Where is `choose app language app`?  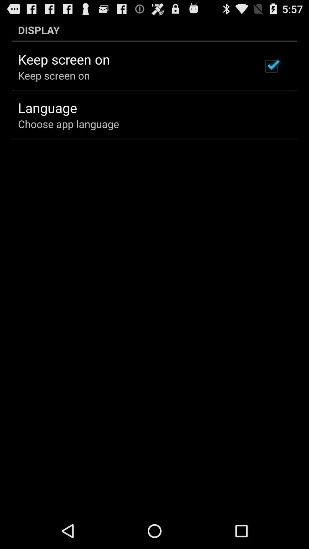
choose app language app is located at coordinates (68, 124).